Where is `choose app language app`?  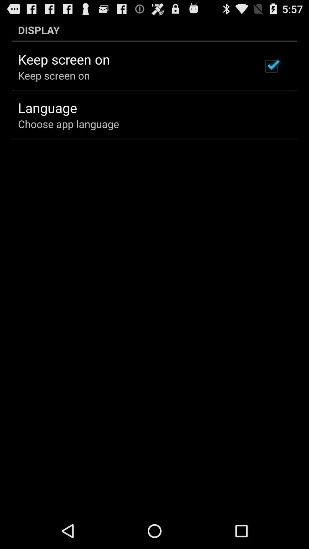
choose app language app is located at coordinates (68, 124).